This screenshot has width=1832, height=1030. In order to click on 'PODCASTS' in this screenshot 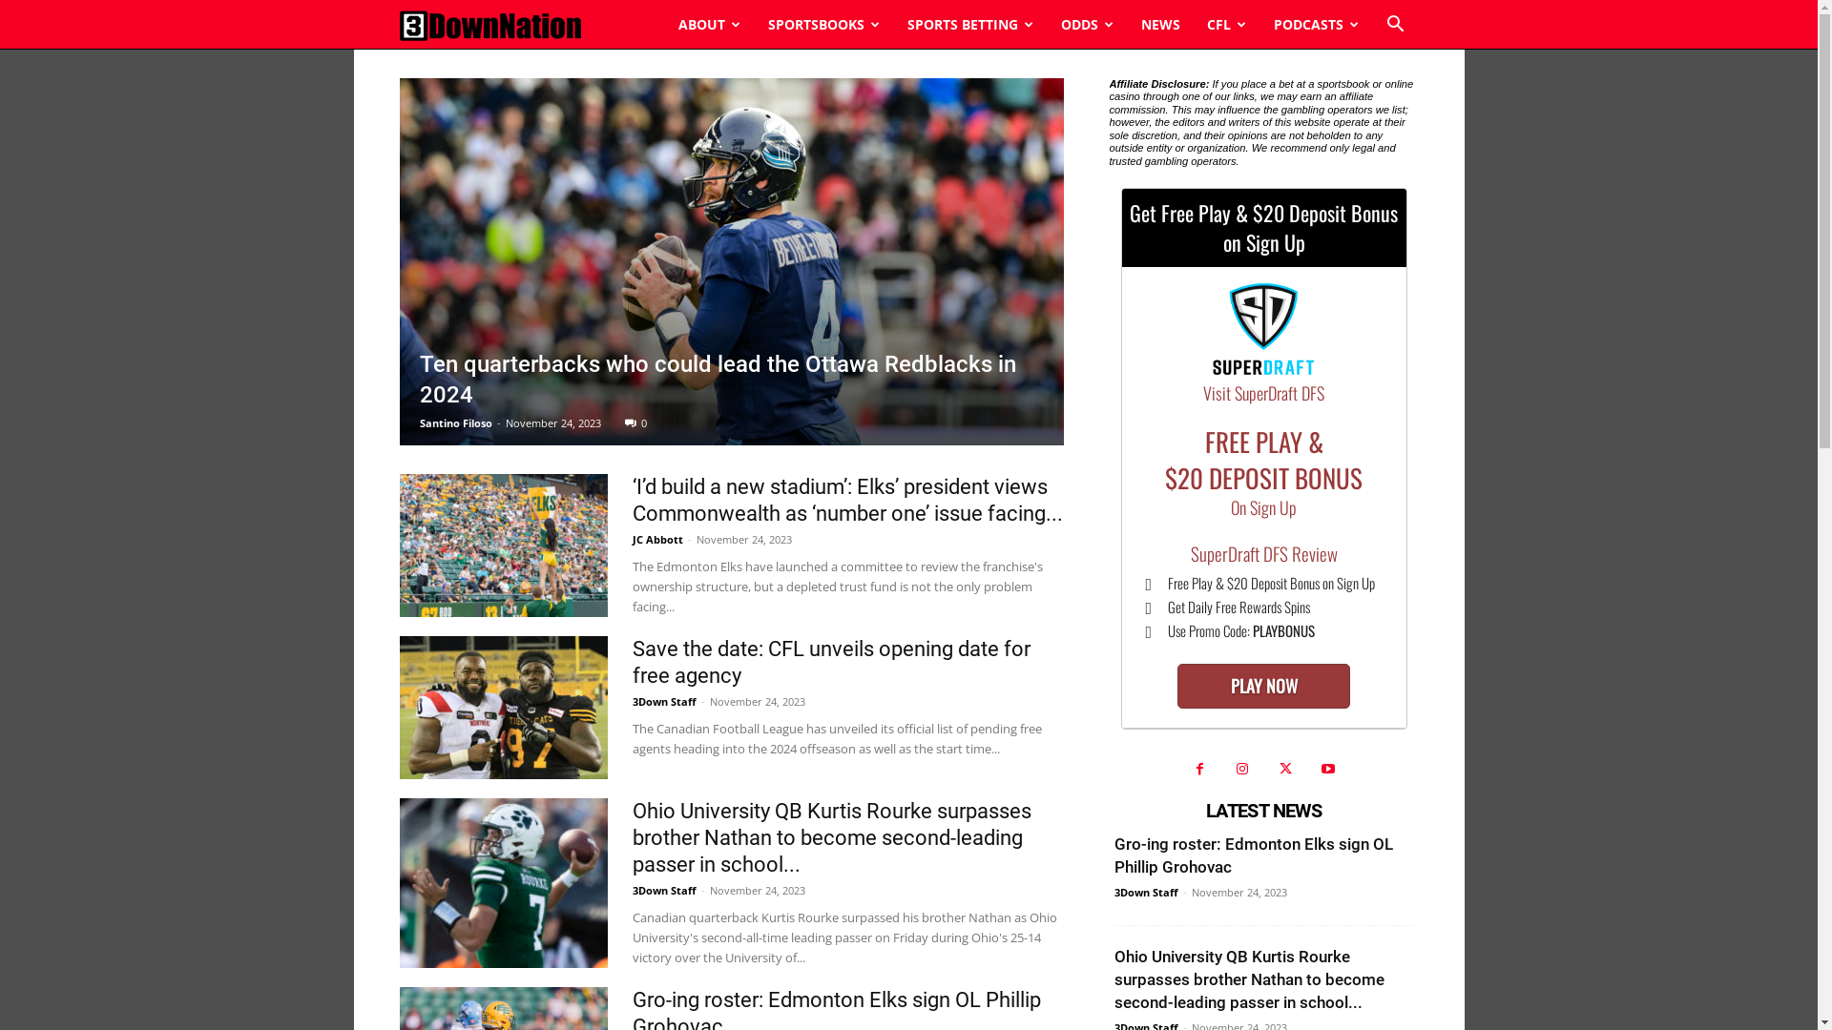, I will do `click(1314, 25)`.